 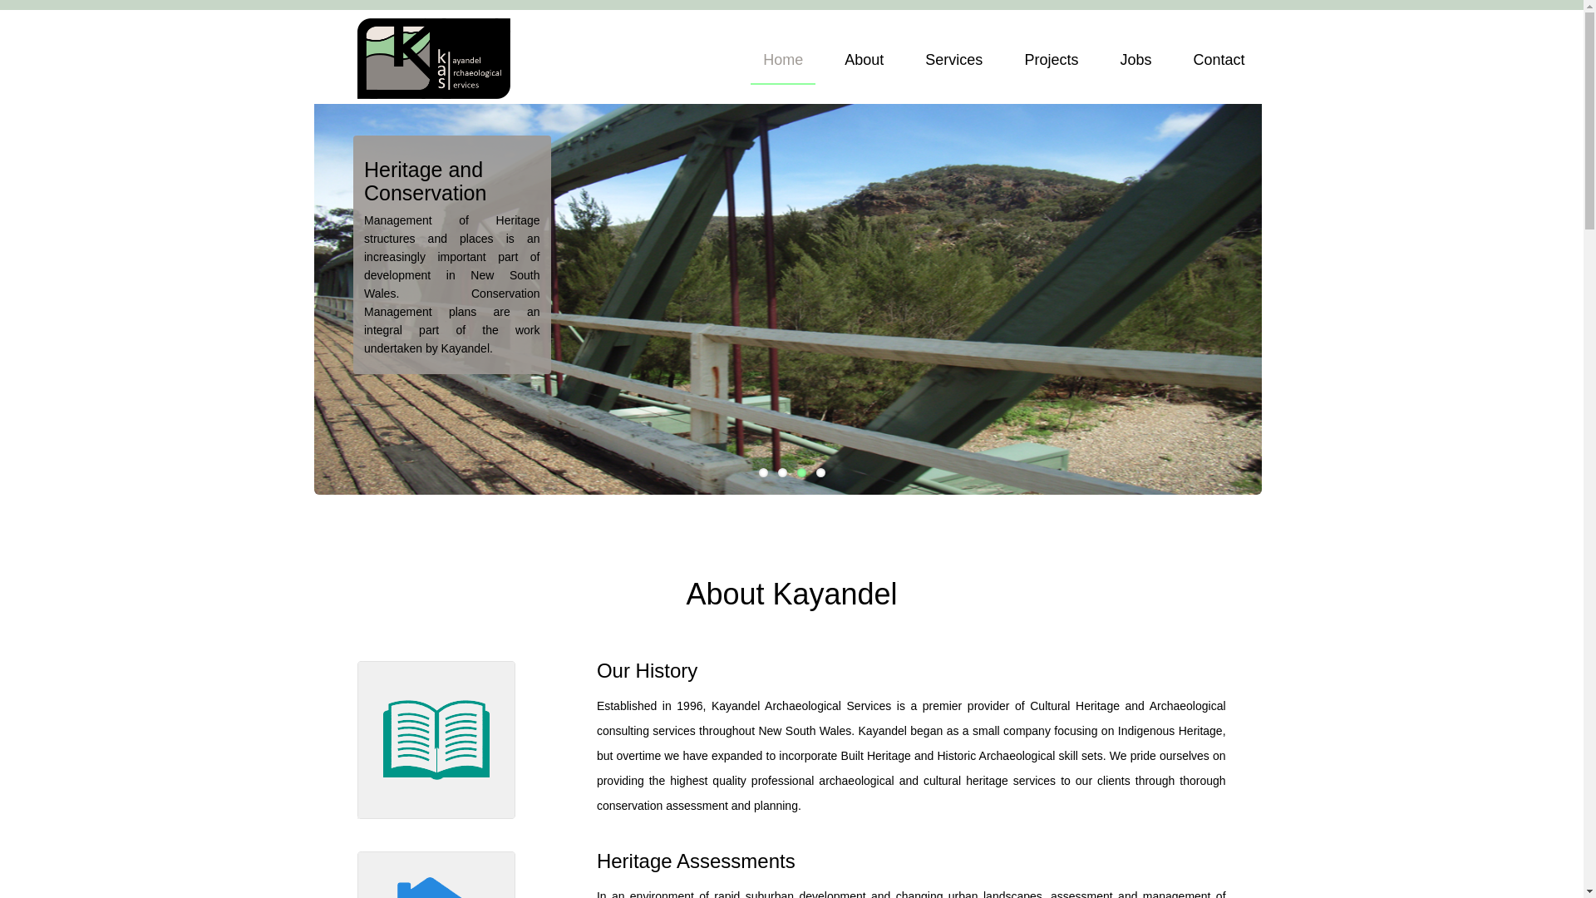 What do you see at coordinates (781, 63) in the screenshot?
I see `'Home'` at bounding box center [781, 63].